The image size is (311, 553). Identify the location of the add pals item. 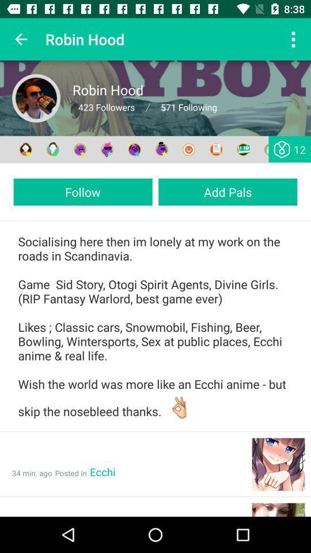
(227, 192).